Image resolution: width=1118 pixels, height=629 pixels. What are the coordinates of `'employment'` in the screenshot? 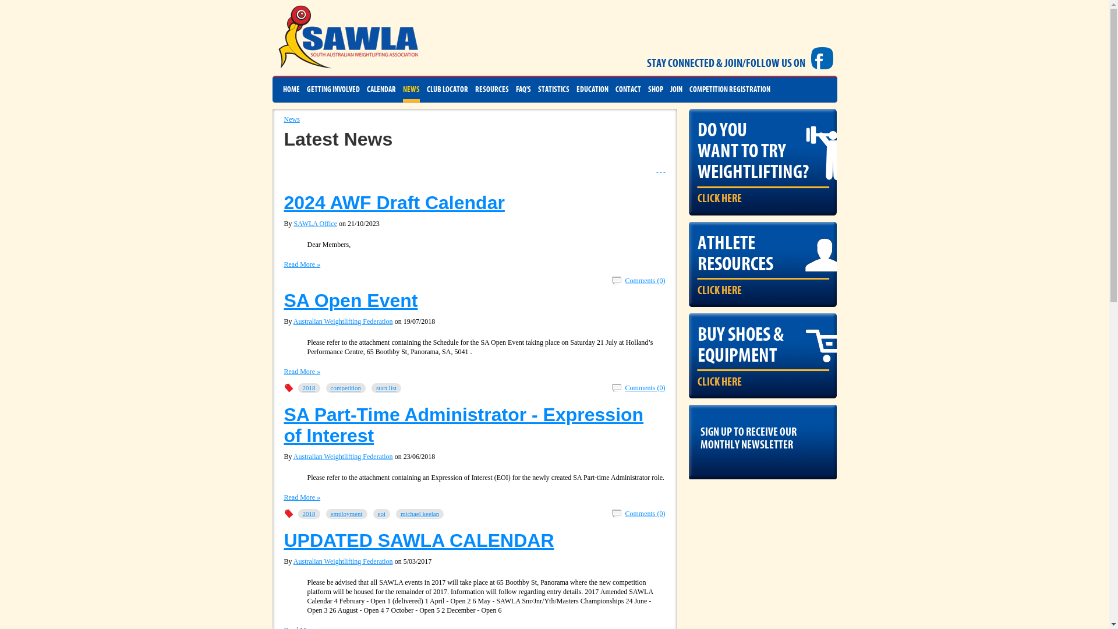 It's located at (346, 513).